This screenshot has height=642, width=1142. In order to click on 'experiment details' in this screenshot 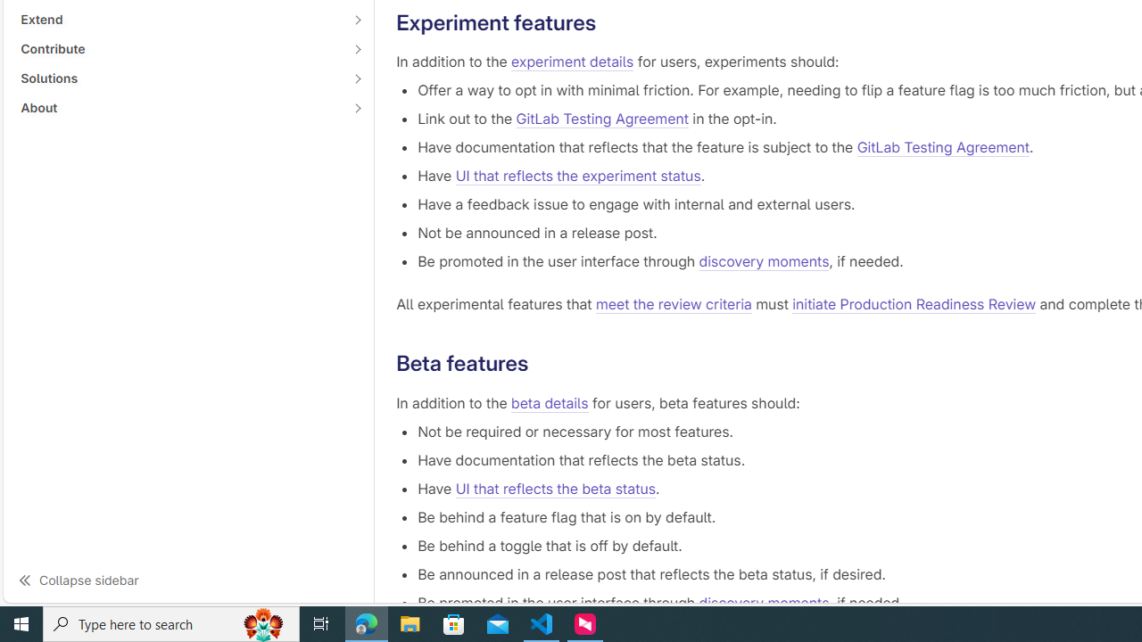, I will do `click(572, 61)`.